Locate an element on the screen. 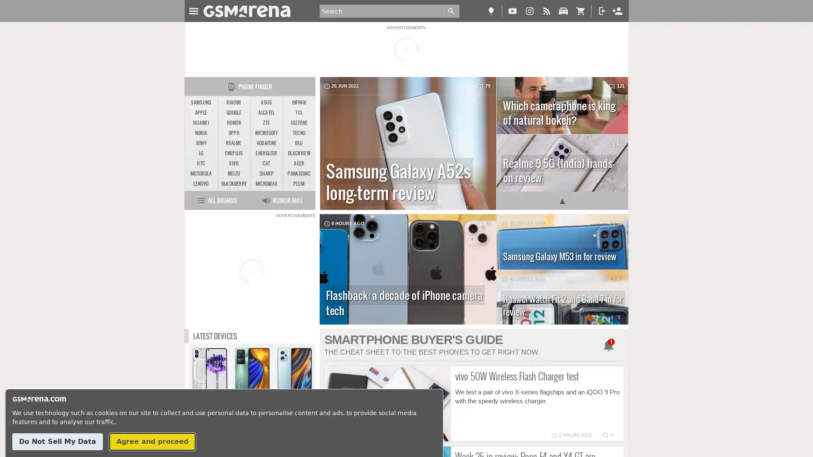 Image resolution: width=813 pixels, height=457 pixels. Agree and proceed is located at coordinates (152, 441).